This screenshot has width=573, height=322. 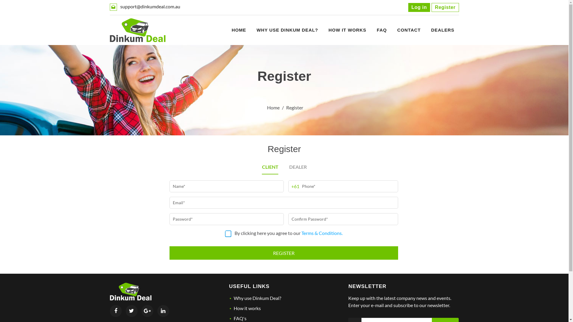 I want to click on 'How it works', so click(x=247, y=308).